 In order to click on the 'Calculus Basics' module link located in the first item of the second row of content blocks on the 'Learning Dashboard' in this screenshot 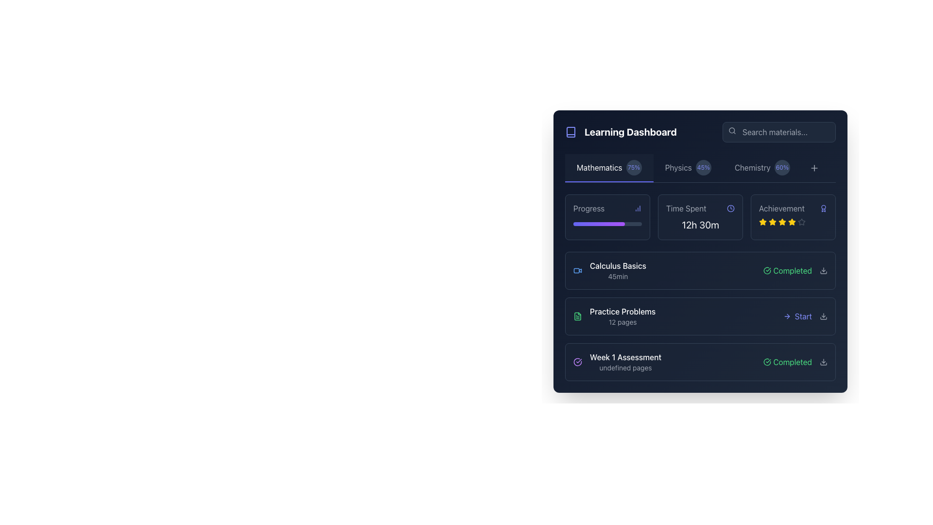, I will do `click(609, 270)`.